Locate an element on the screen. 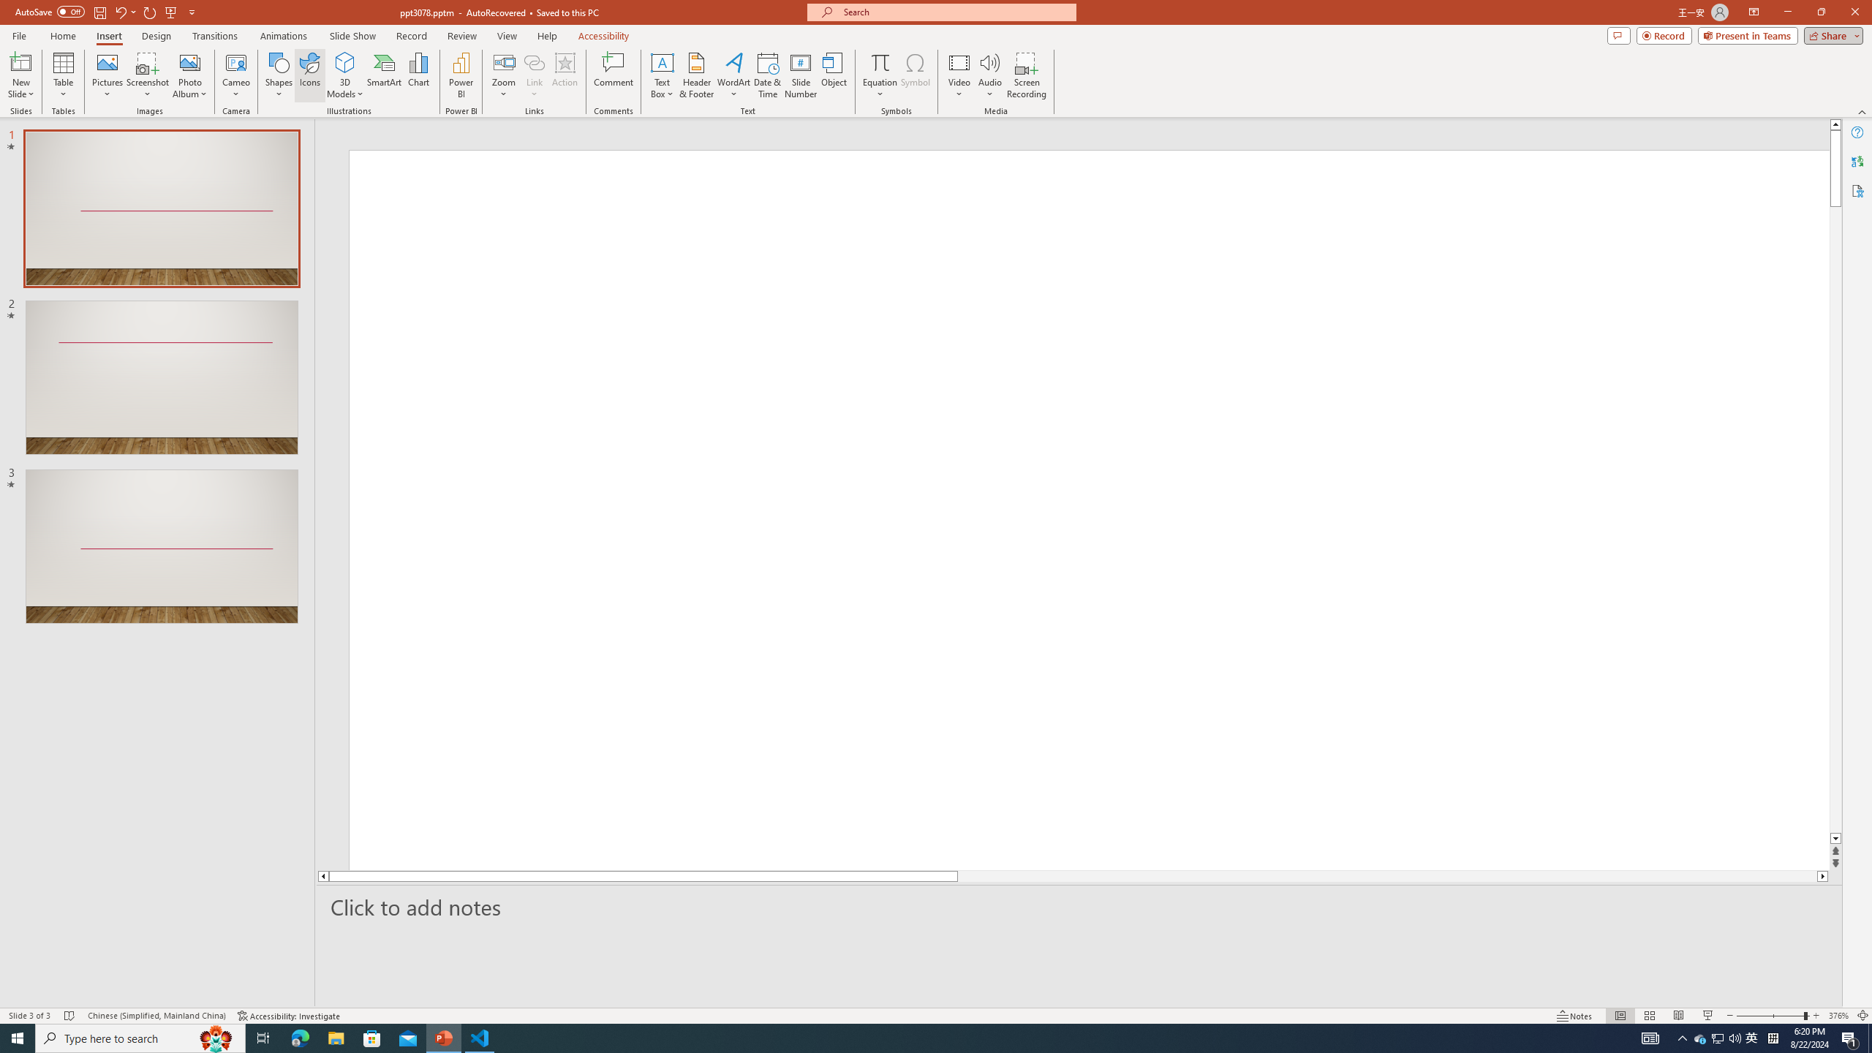  'Chart...' is located at coordinates (418, 75).